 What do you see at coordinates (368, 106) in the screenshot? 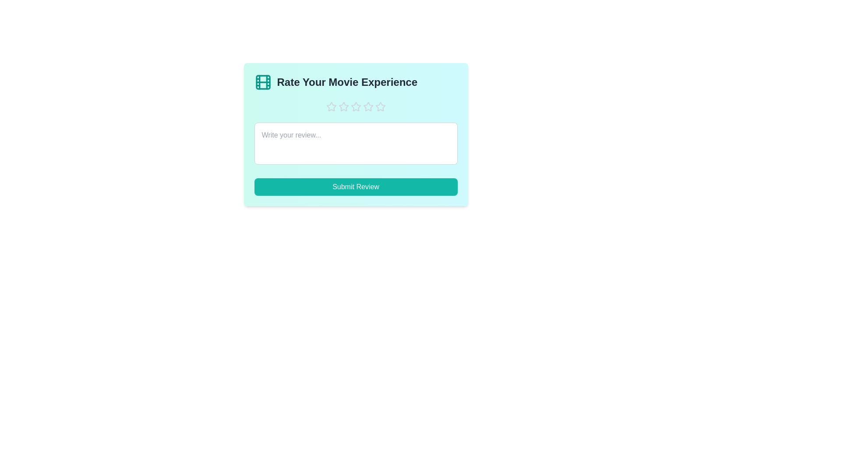
I see `the star corresponding to the rating 4 to set the movie experience rating` at bounding box center [368, 106].